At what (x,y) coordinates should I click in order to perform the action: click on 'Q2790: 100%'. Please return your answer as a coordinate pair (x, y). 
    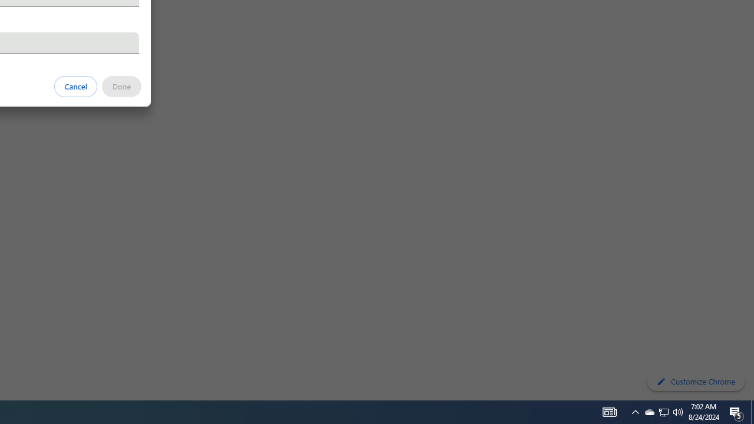
    Looking at the image, I should click on (678, 411).